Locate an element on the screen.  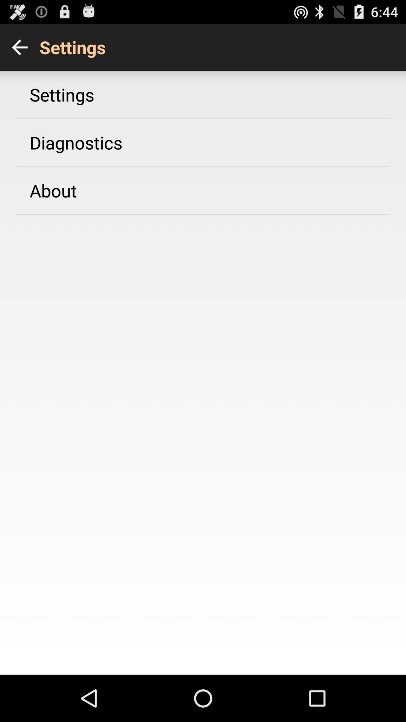
the about is located at coordinates (53, 190).